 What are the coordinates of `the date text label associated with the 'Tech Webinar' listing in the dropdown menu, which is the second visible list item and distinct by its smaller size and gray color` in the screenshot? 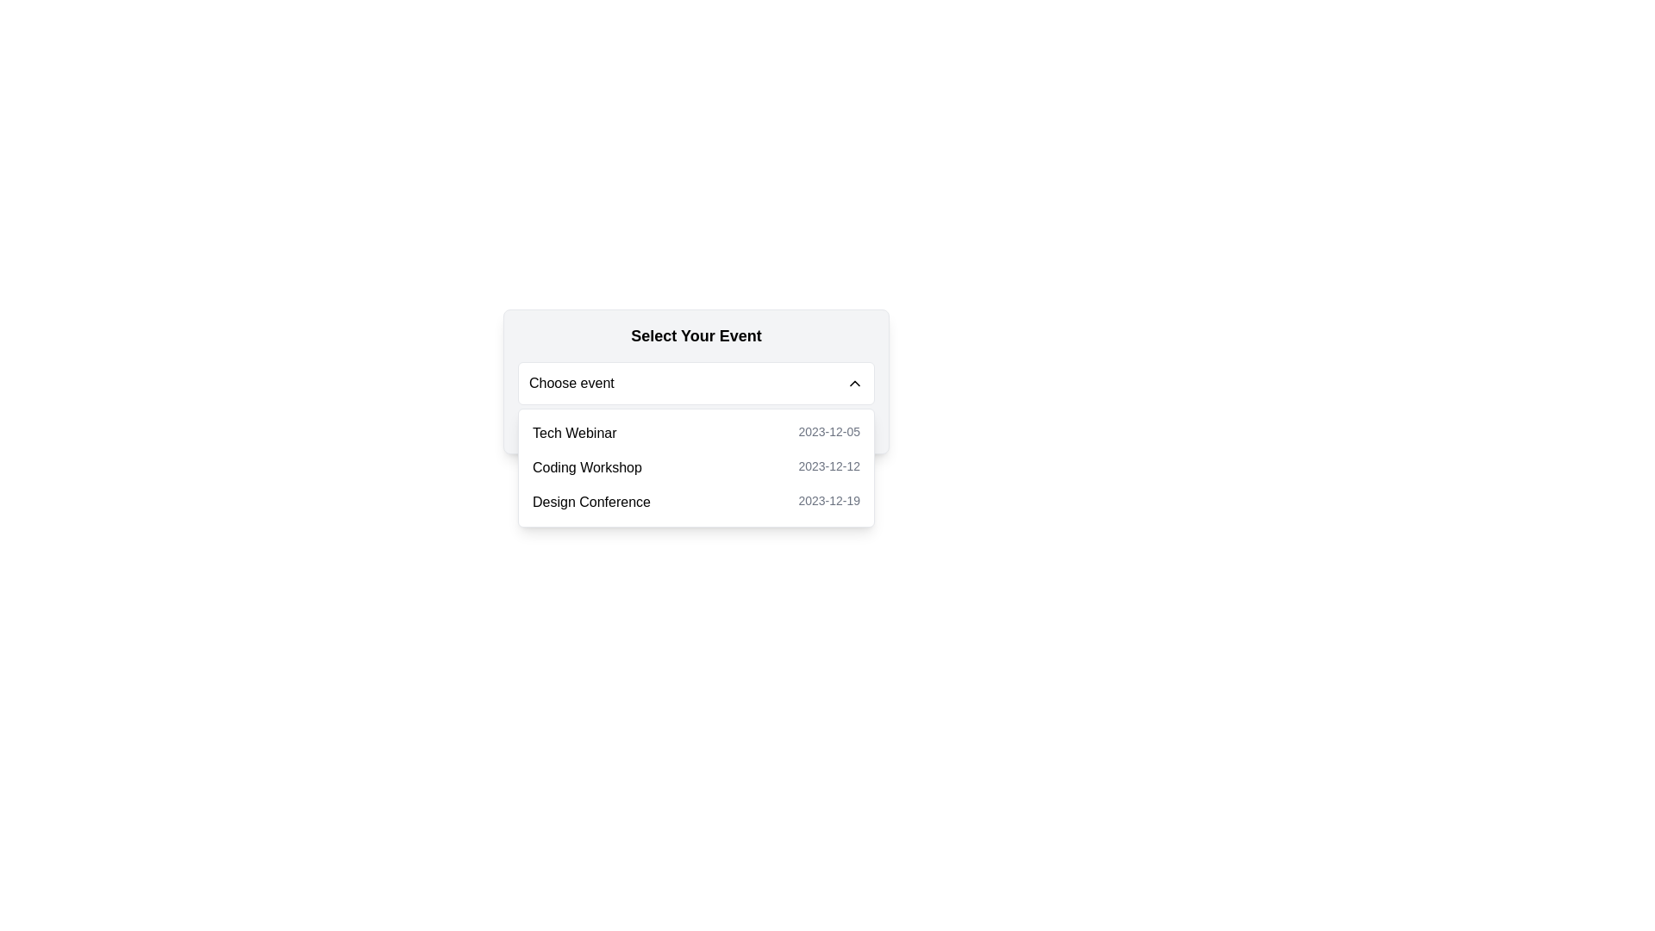 It's located at (829, 432).